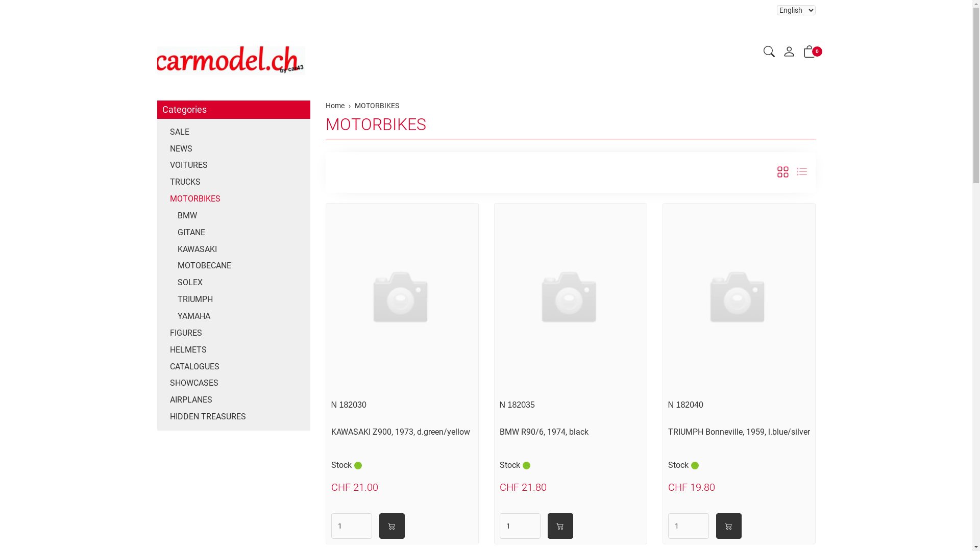  I want to click on 'into shopping cart', so click(391, 525).